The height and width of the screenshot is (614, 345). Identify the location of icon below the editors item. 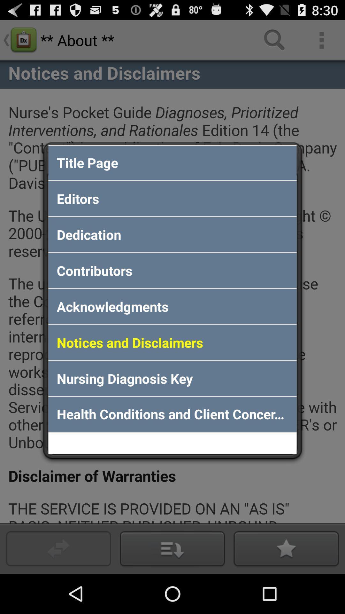
(172, 234).